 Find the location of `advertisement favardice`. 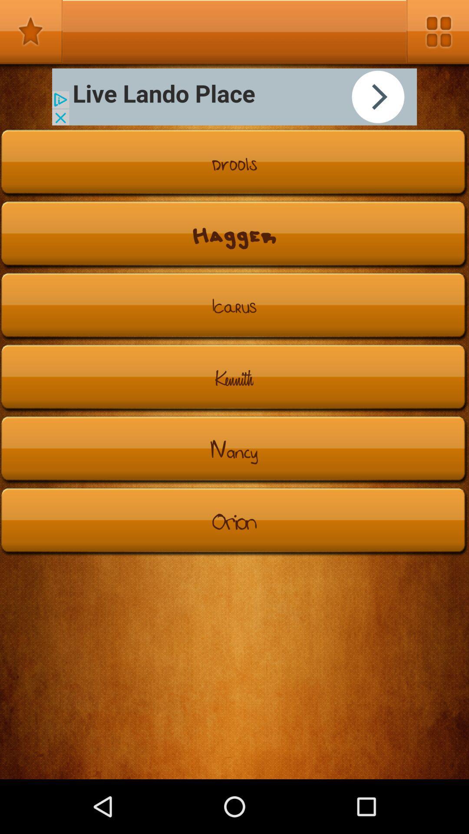

advertisement favardice is located at coordinates (31, 31).